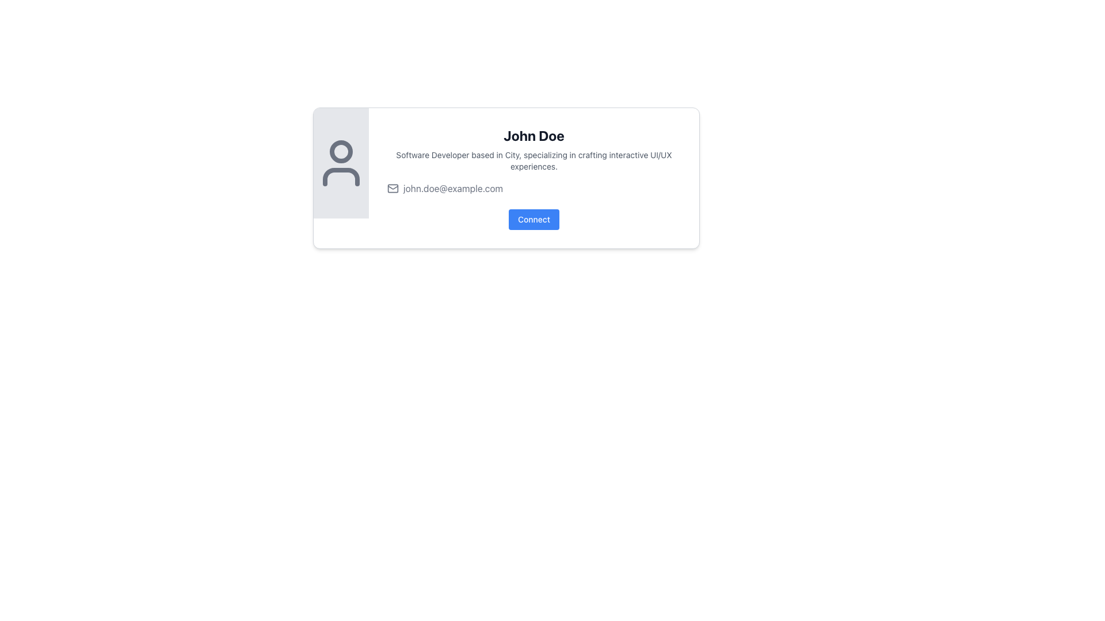  I want to click on the Profile Information Box that contains the name 'John Doe', a description of being a software developer, an email address line, and a blue 'Connect' button, so click(533, 178).